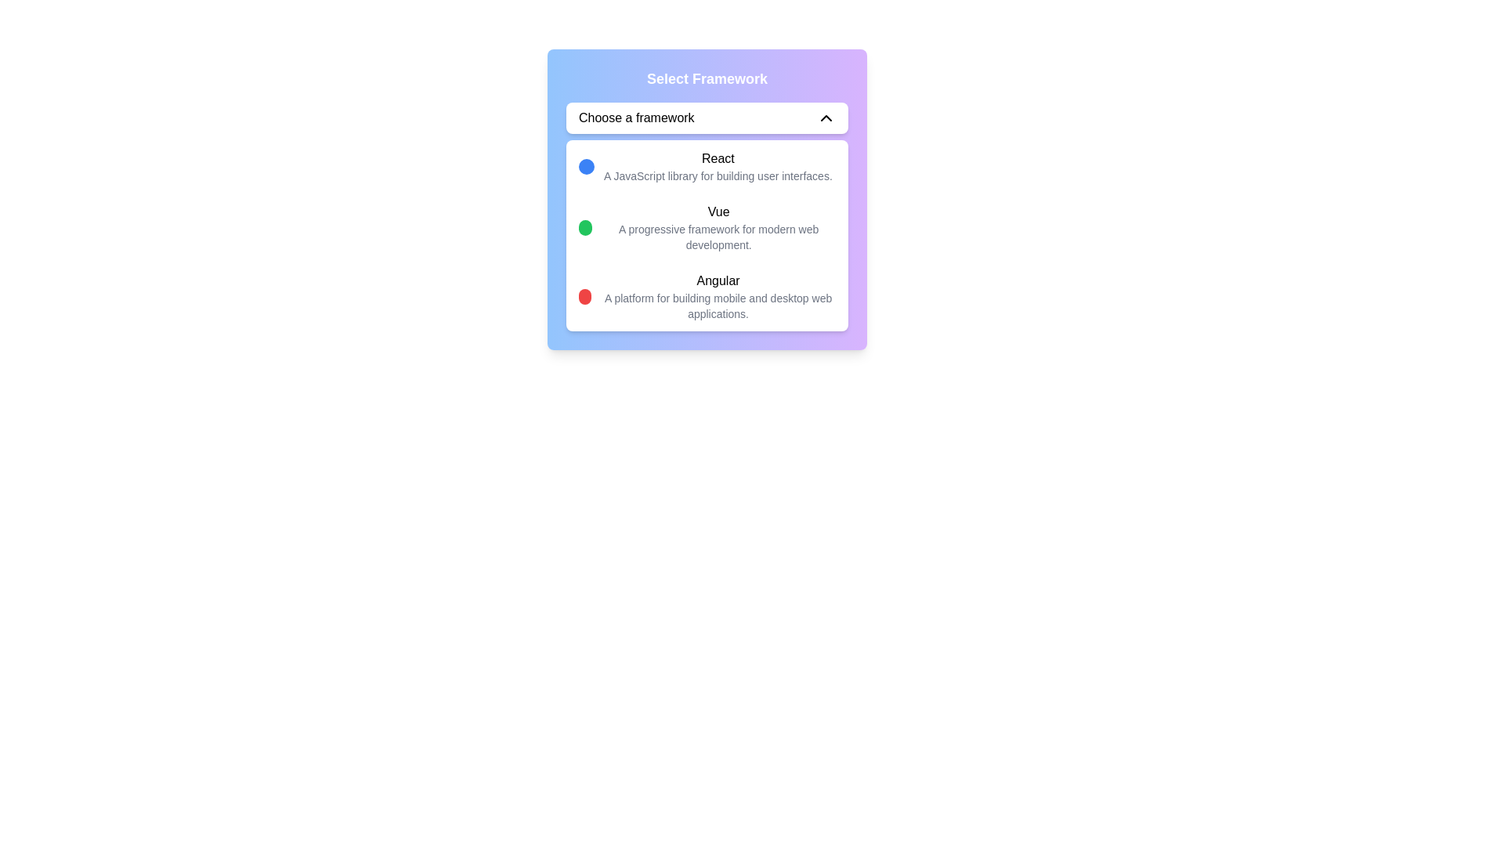 The width and height of the screenshot is (1504, 846). What do you see at coordinates (717, 280) in the screenshot?
I see `text of the Angular framework label located in the selection list, which is positioned third below the 'Vue' option and above its description text` at bounding box center [717, 280].